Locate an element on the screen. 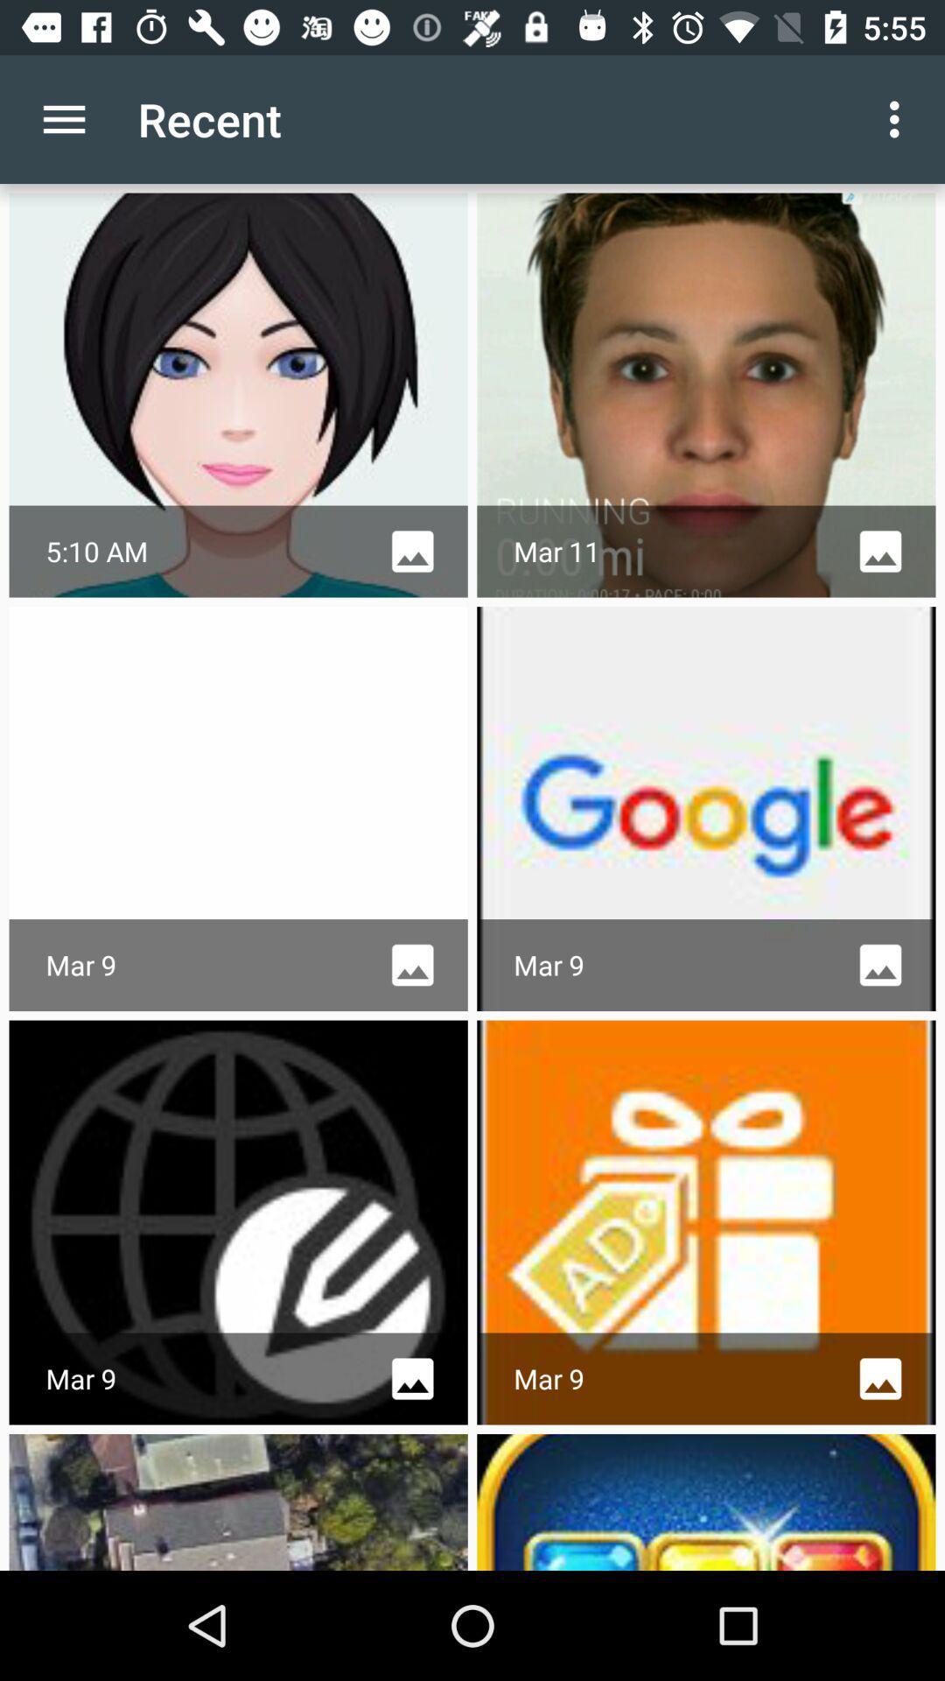 The width and height of the screenshot is (945, 1681). app to the left of recent app is located at coordinates (63, 118).